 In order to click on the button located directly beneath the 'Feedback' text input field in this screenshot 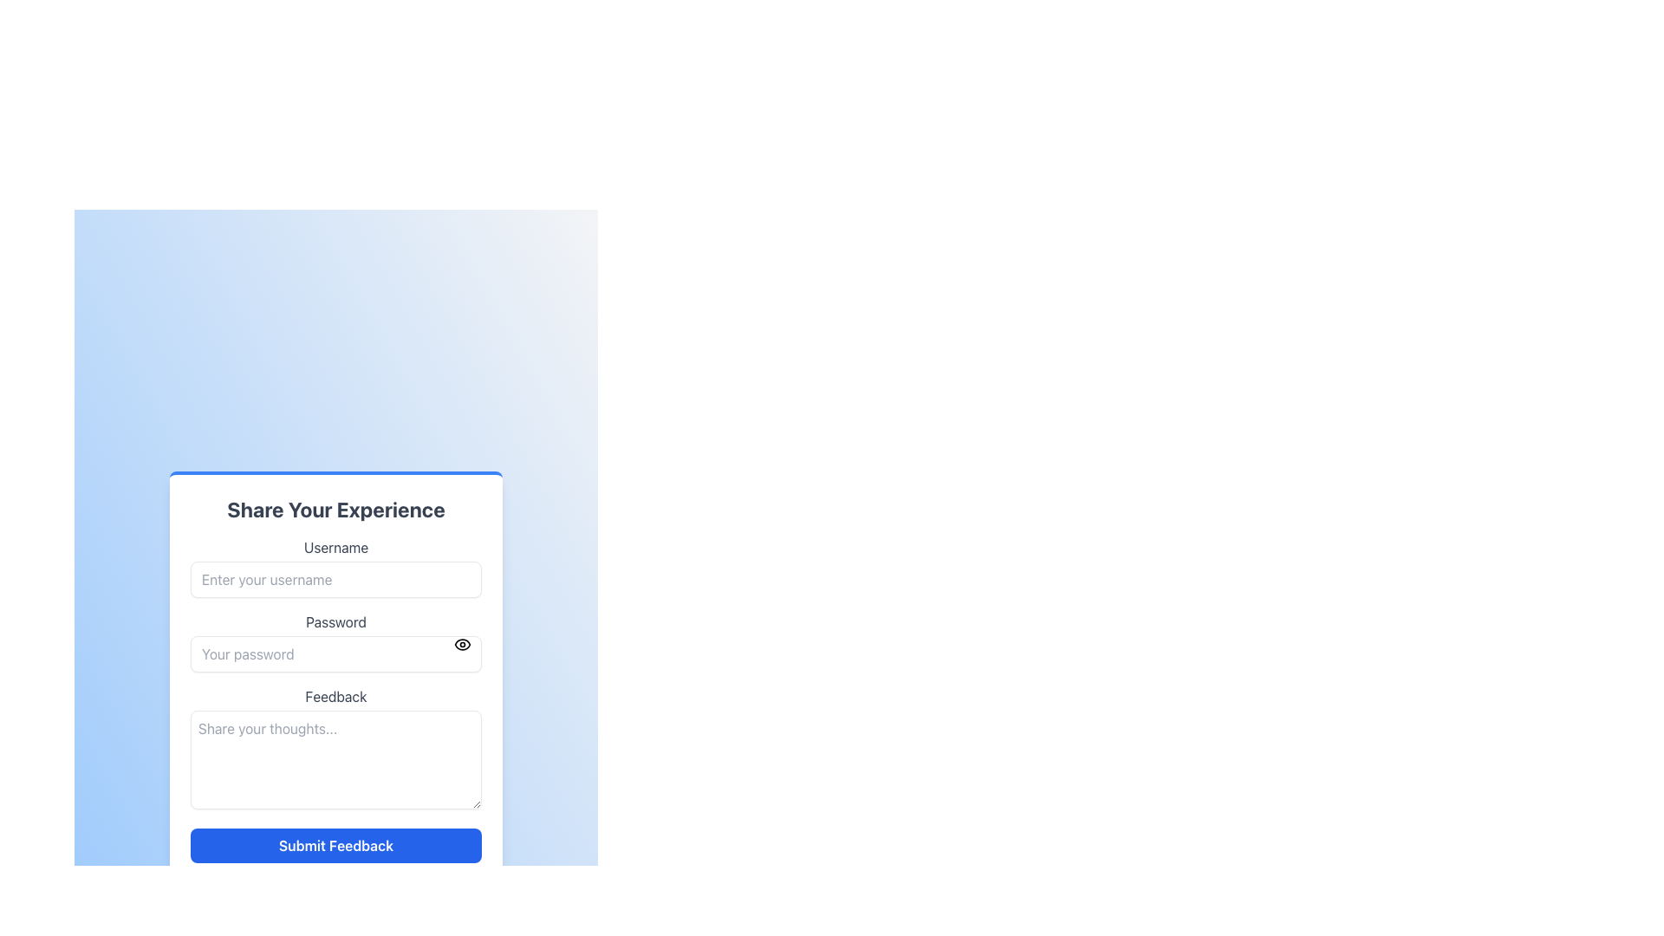, I will do `click(336, 844)`.